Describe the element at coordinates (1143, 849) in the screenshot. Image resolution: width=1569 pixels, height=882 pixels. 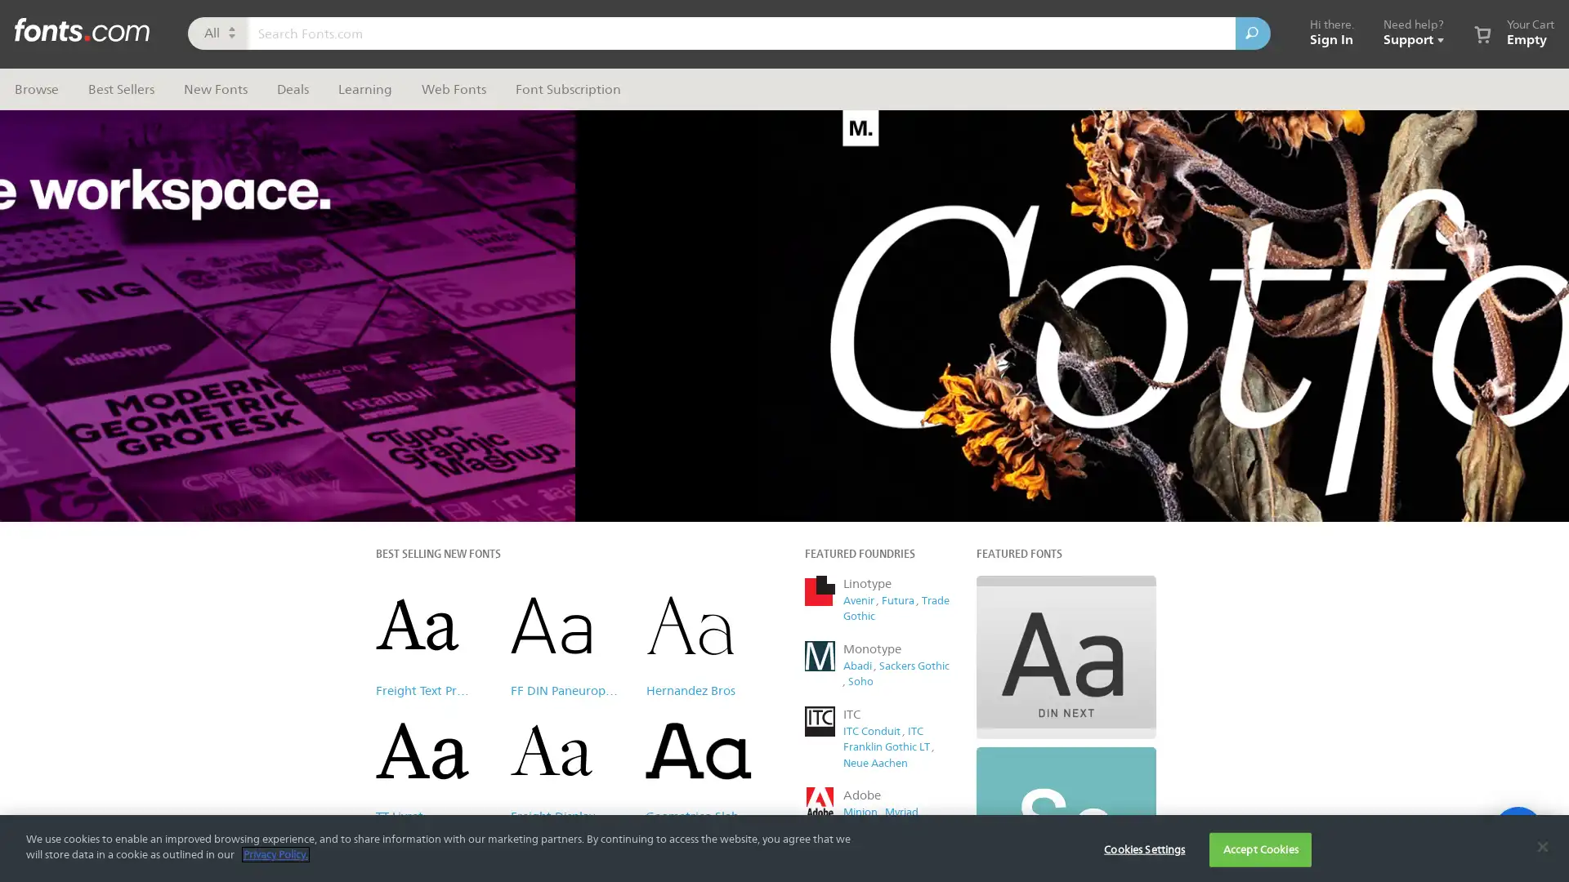
I see `Cookies Settings` at that location.